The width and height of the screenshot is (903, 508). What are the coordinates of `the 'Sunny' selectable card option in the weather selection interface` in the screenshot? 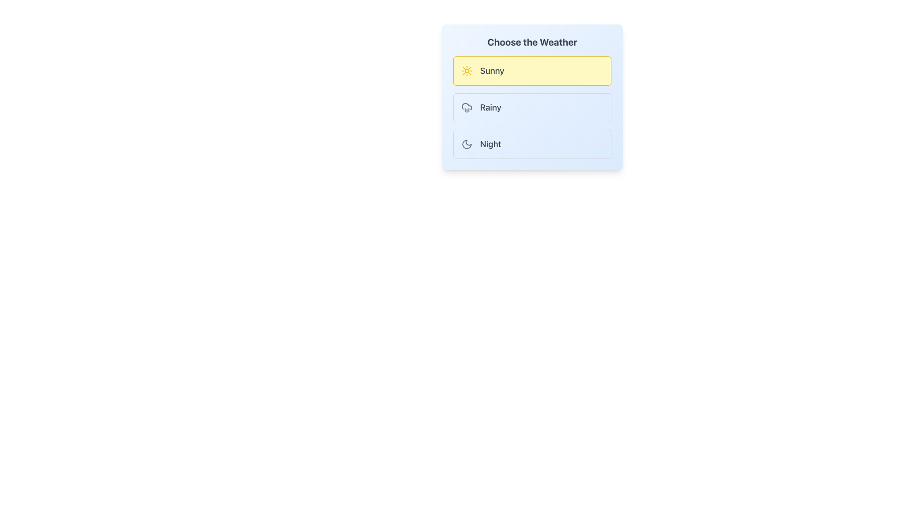 It's located at (532, 70).